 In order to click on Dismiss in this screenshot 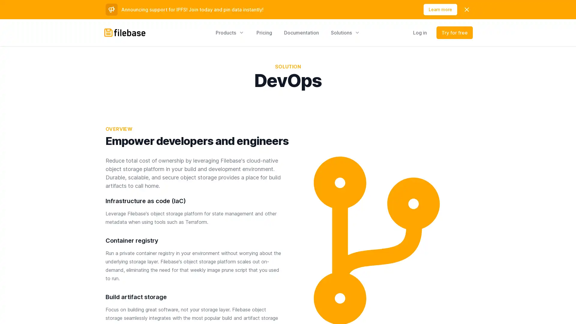, I will do `click(466, 9)`.